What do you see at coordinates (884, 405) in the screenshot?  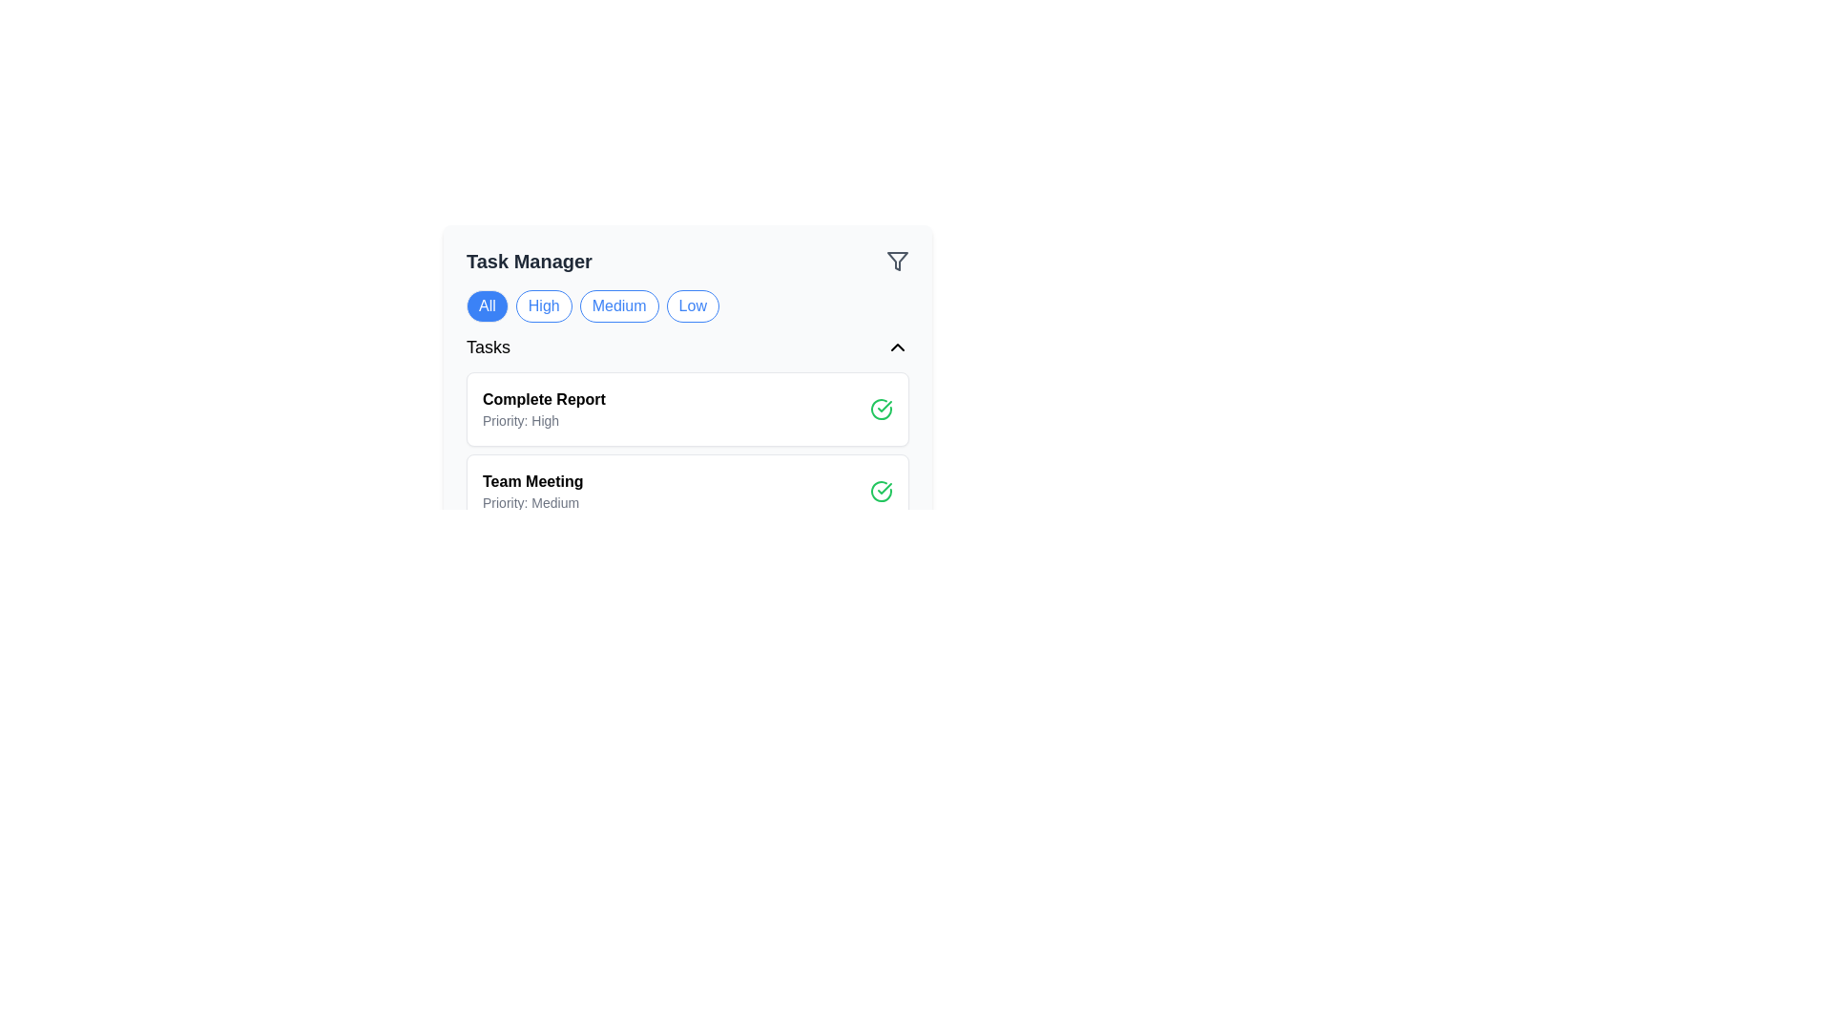 I see `the green checkmark icon within a circular border located to the far right of the 'Team Meeting' task item in the task list via visual observation` at bounding box center [884, 405].